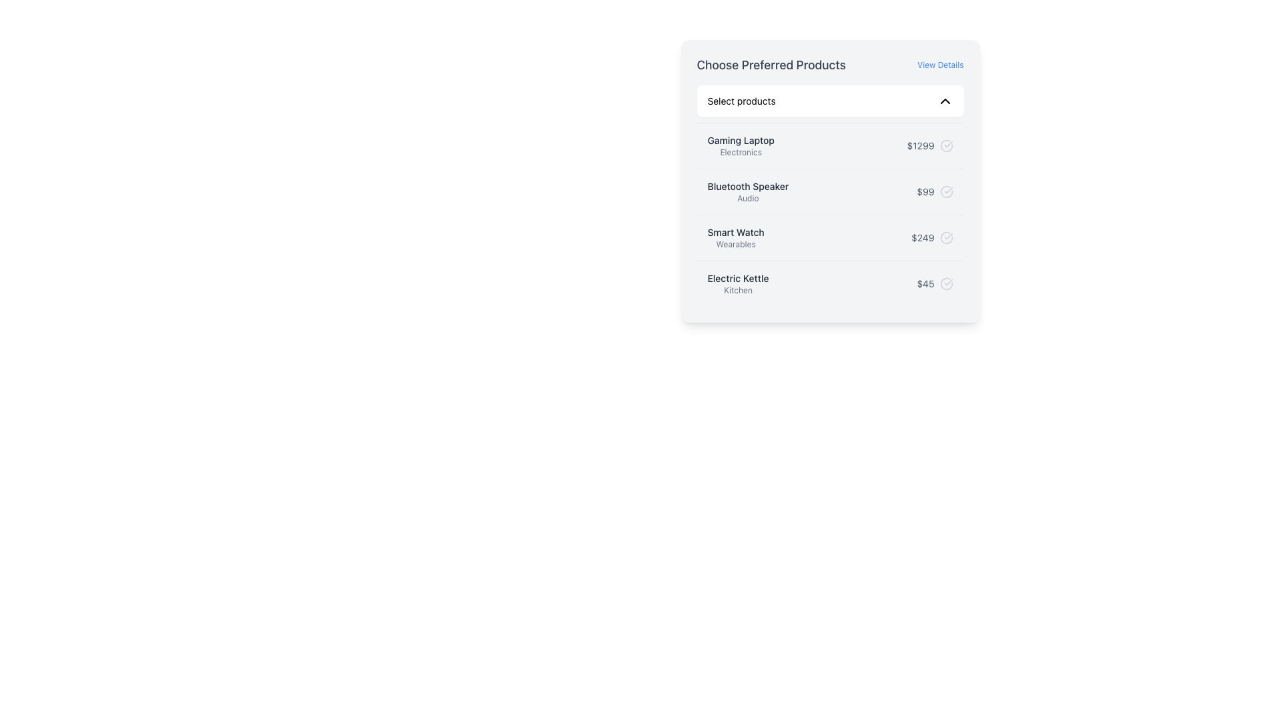 The height and width of the screenshot is (720, 1281). What do you see at coordinates (771, 65) in the screenshot?
I see `the Text Label that serves as a title or heading for the card, providing context about the options or information presented within the card` at bounding box center [771, 65].